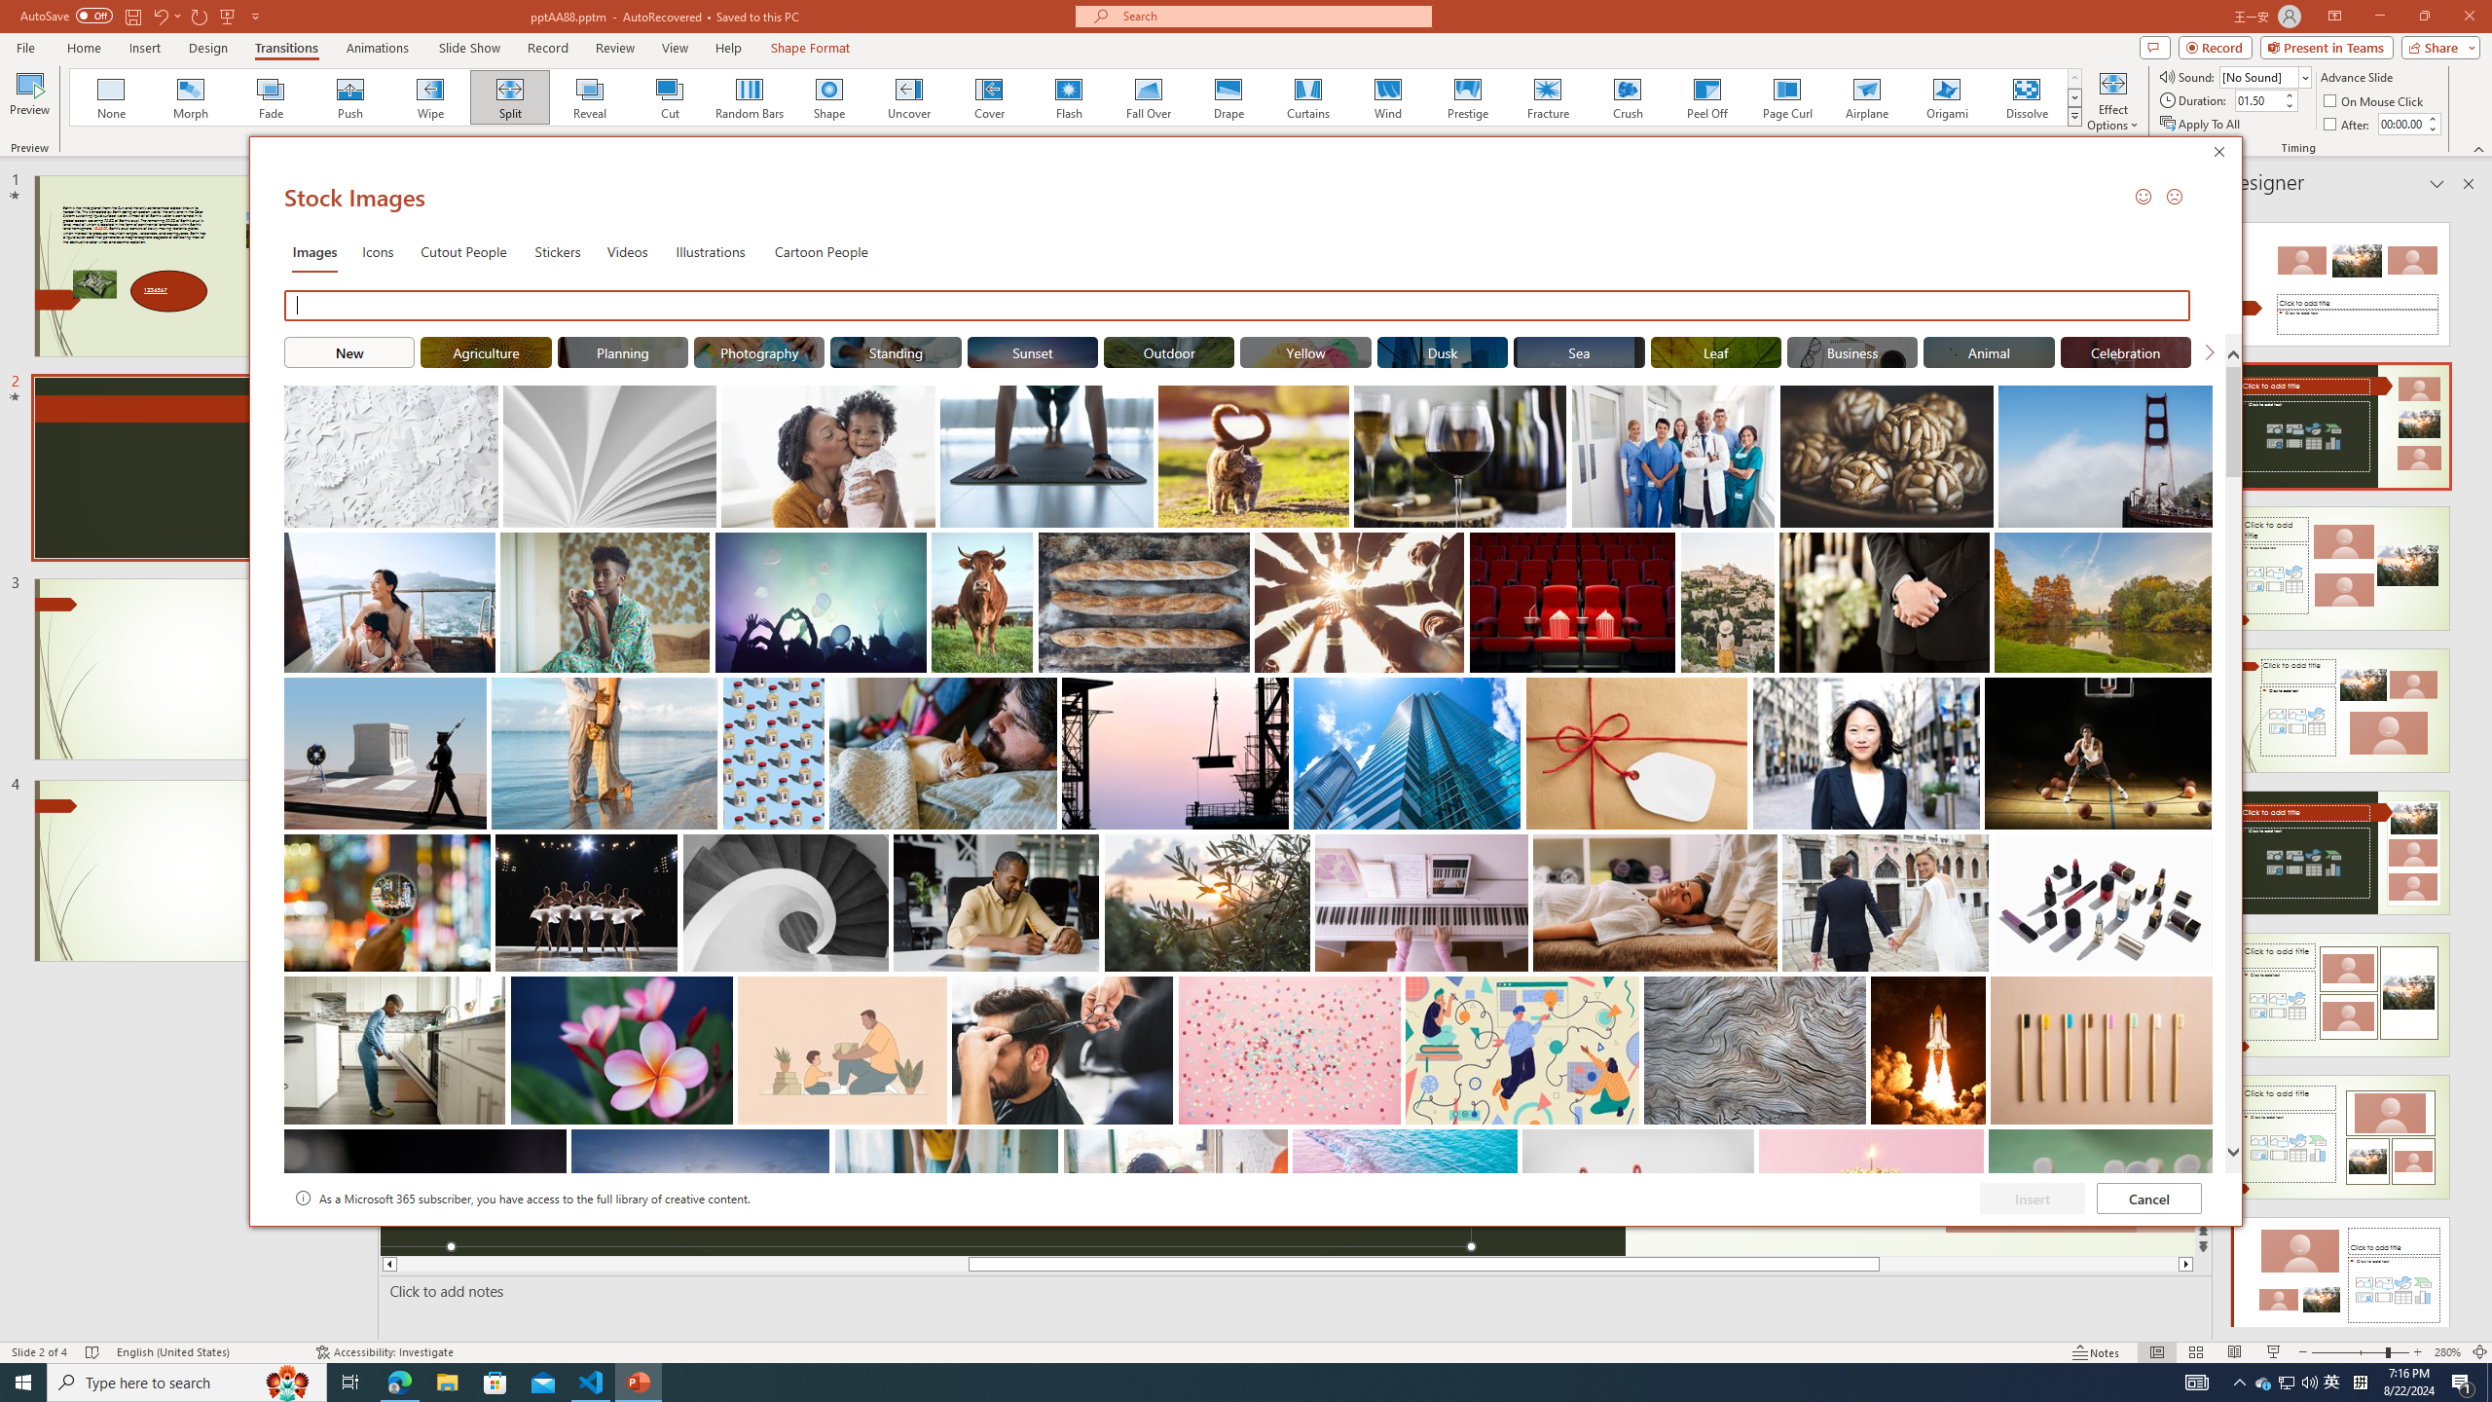 Image resolution: width=2492 pixels, height=1402 pixels. Describe the element at coordinates (1442, 350) in the screenshot. I see `'"Dusk" Stock Images.'` at that location.